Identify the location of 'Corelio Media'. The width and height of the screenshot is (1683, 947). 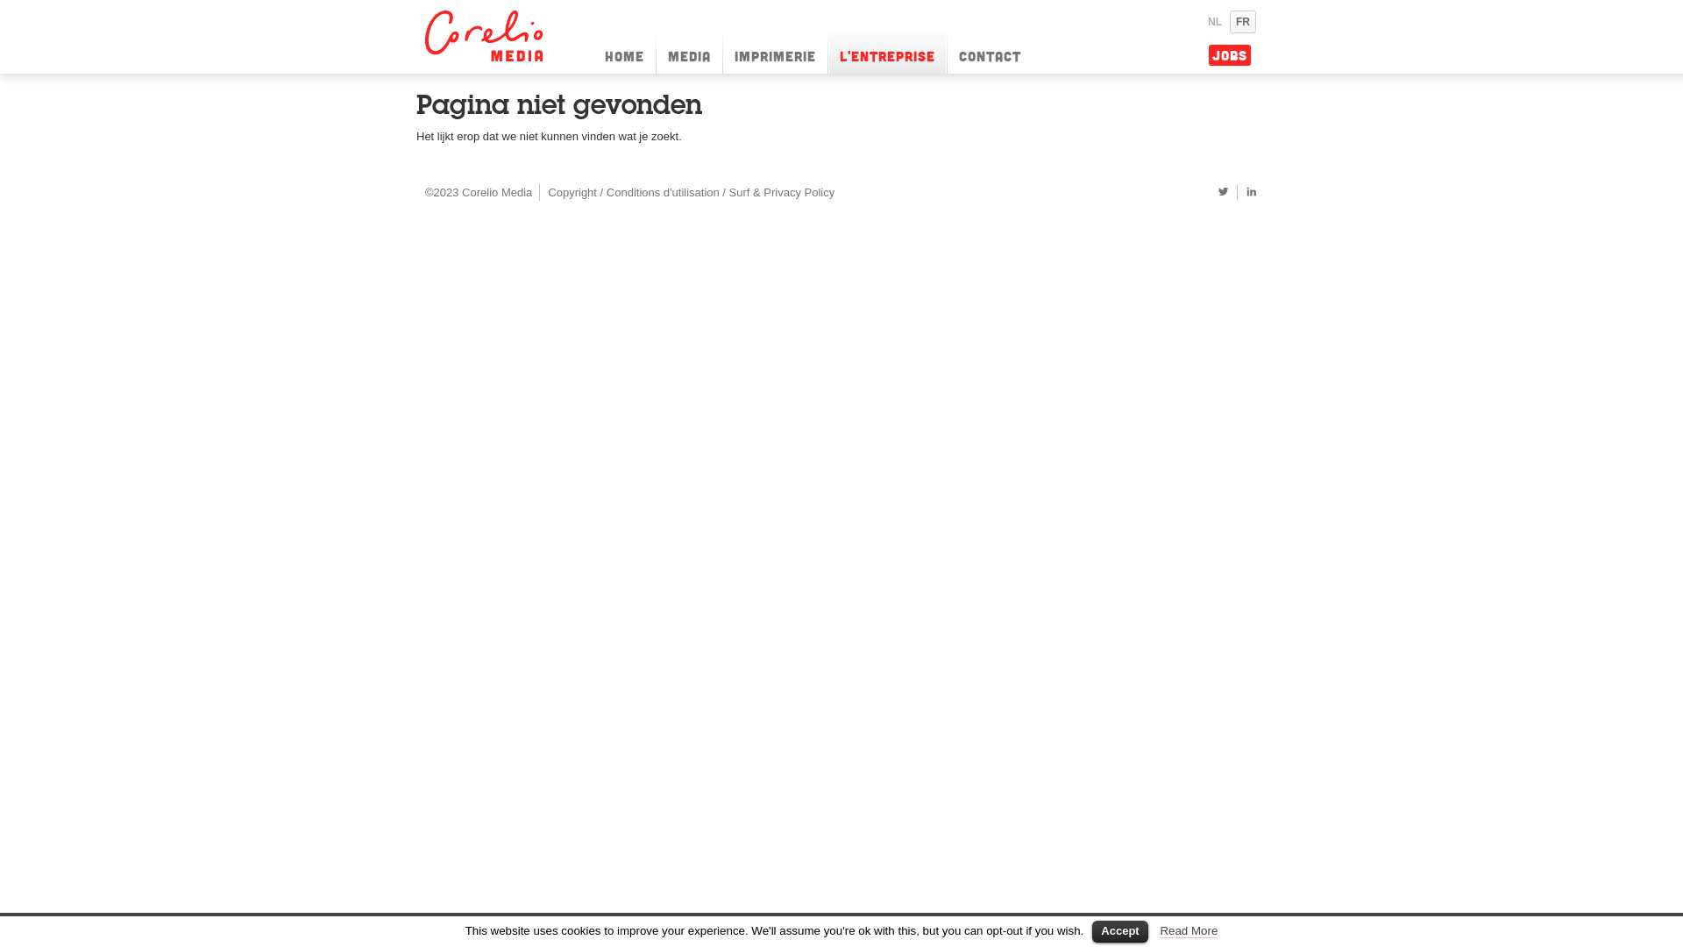
(486, 36).